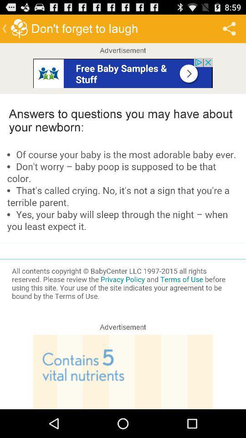 This screenshot has width=246, height=438. Describe the element at coordinates (123, 372) in the screenshot. I see `advertisement banner click to open content` at that location.